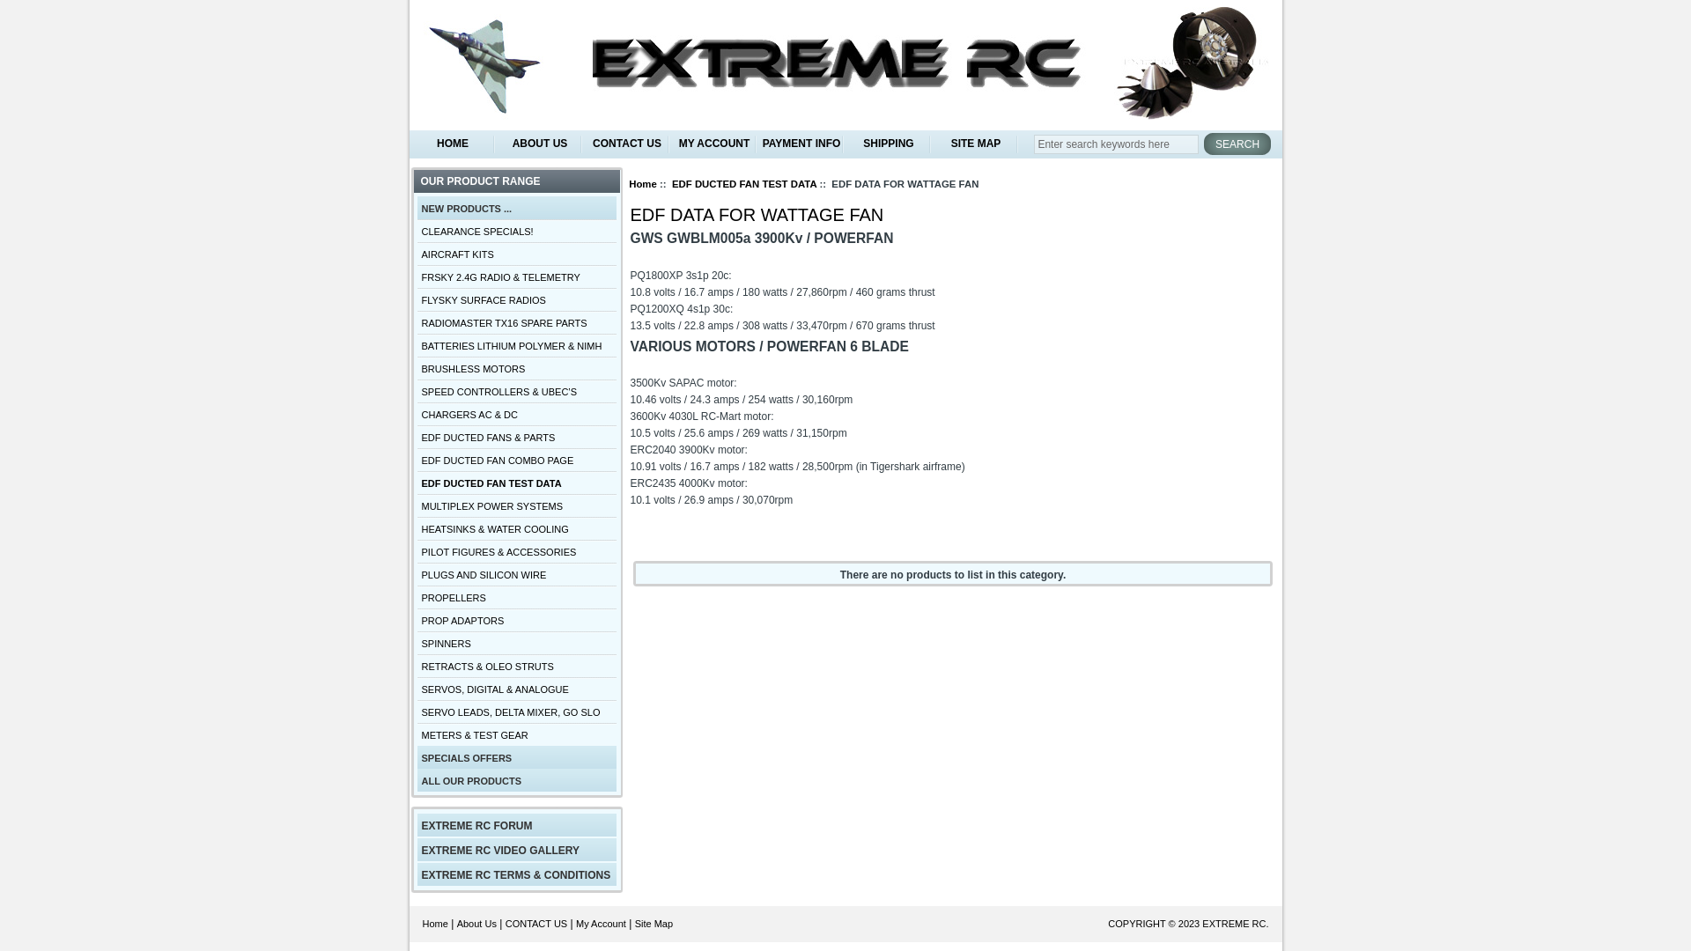 This screenshot has height=951, width=1691. I want to click on 'About Us', so click(476, 923).